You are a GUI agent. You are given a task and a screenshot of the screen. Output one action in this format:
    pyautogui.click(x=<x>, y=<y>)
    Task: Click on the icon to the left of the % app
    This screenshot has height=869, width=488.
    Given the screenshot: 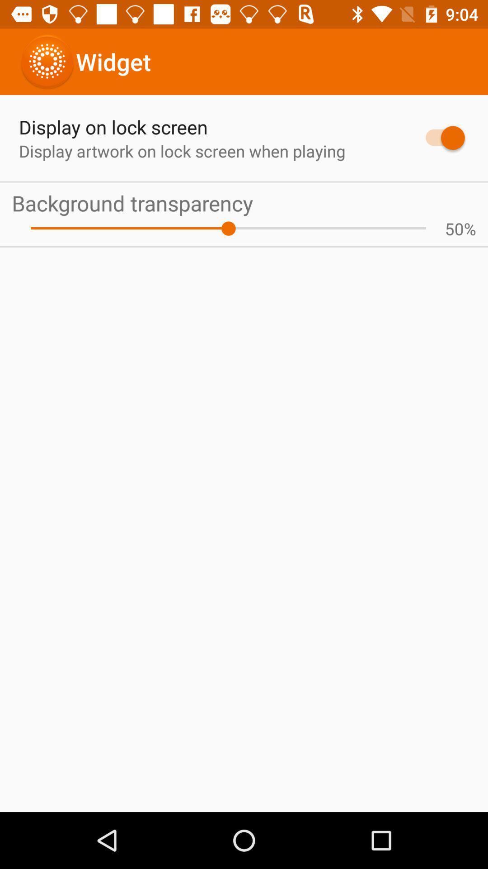 What is the action you would take?
    pyautogui.click(x=454, y=229)
    